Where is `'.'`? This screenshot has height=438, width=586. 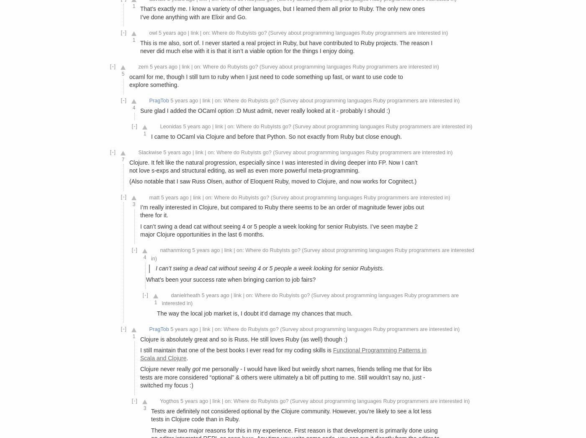 '.' is located at coordinates (187, 358).